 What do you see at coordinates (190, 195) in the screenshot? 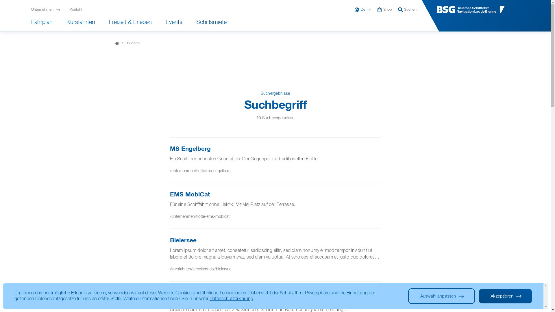
I see `'EMS MobiCat'` at bounding box center [190, 195].